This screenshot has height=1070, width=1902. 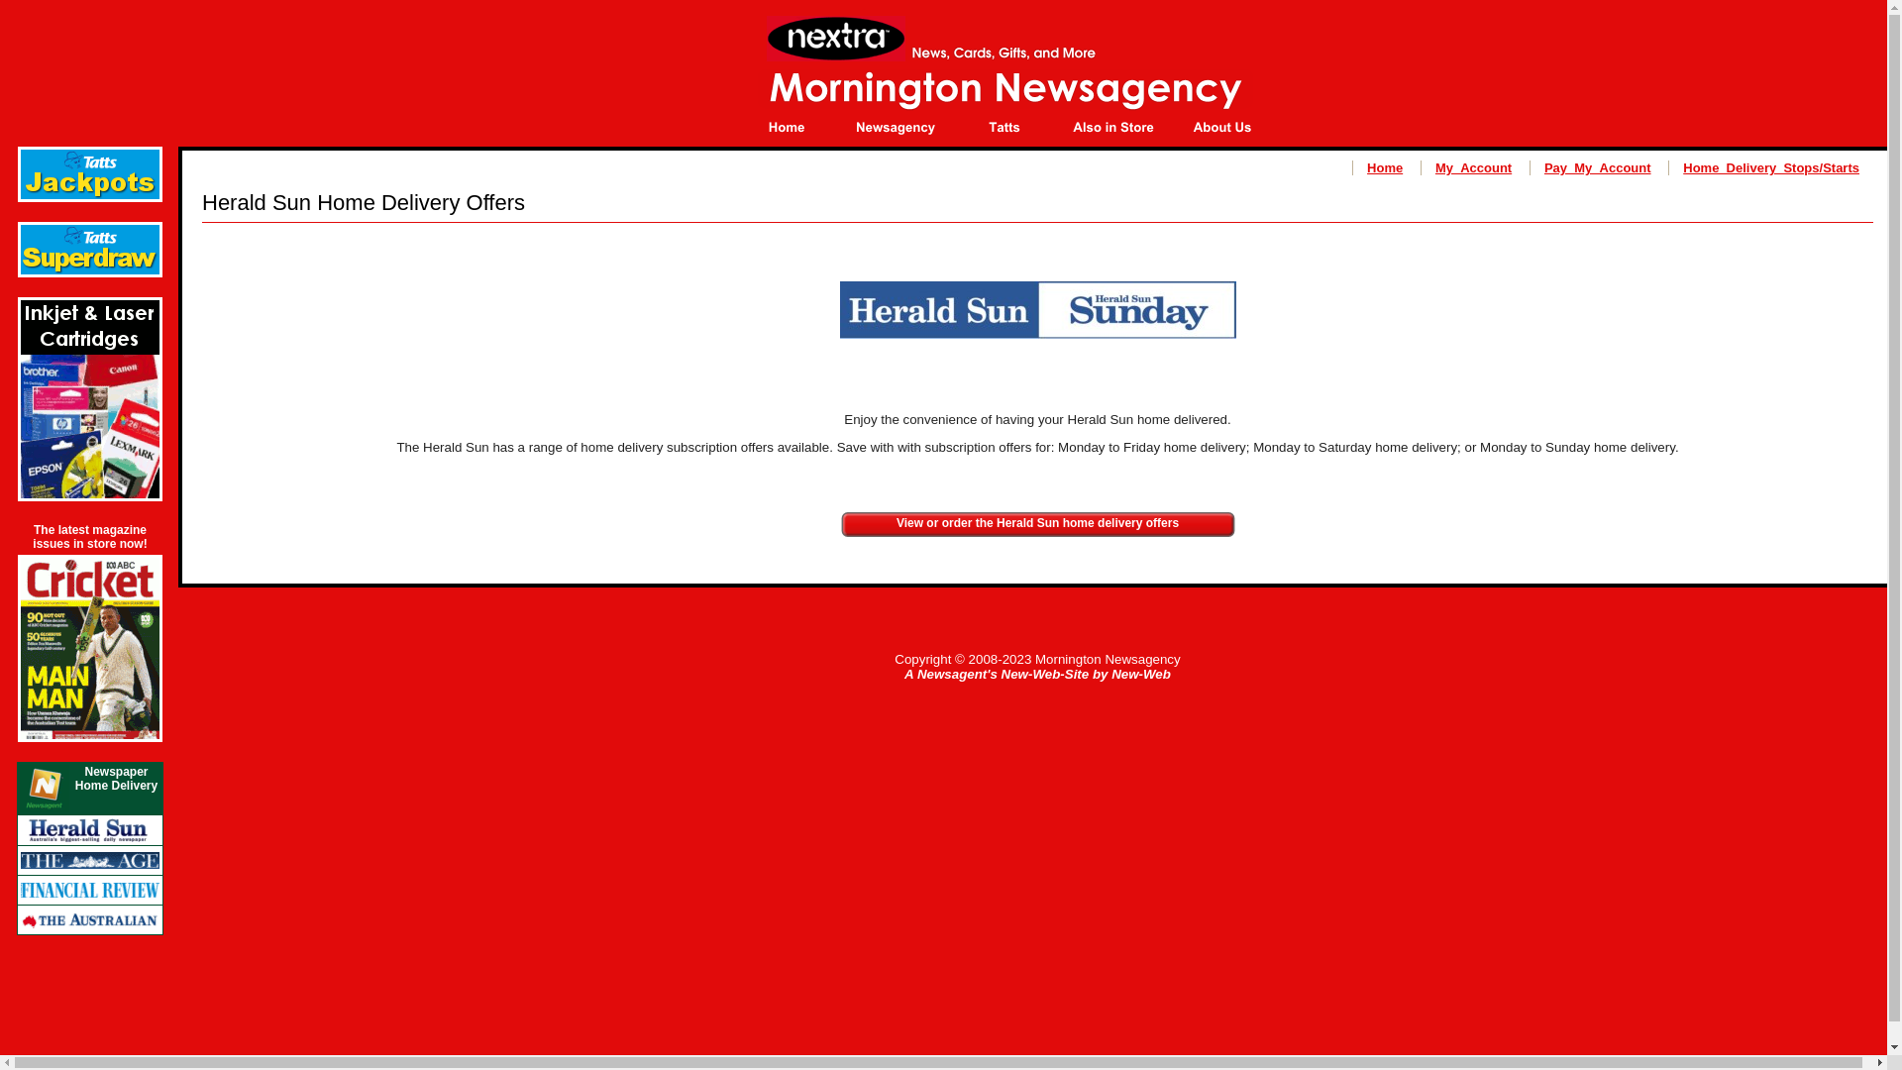 I want to click on 'Home_Delivery_Stops/Starts', so click(x=1771, y=166).